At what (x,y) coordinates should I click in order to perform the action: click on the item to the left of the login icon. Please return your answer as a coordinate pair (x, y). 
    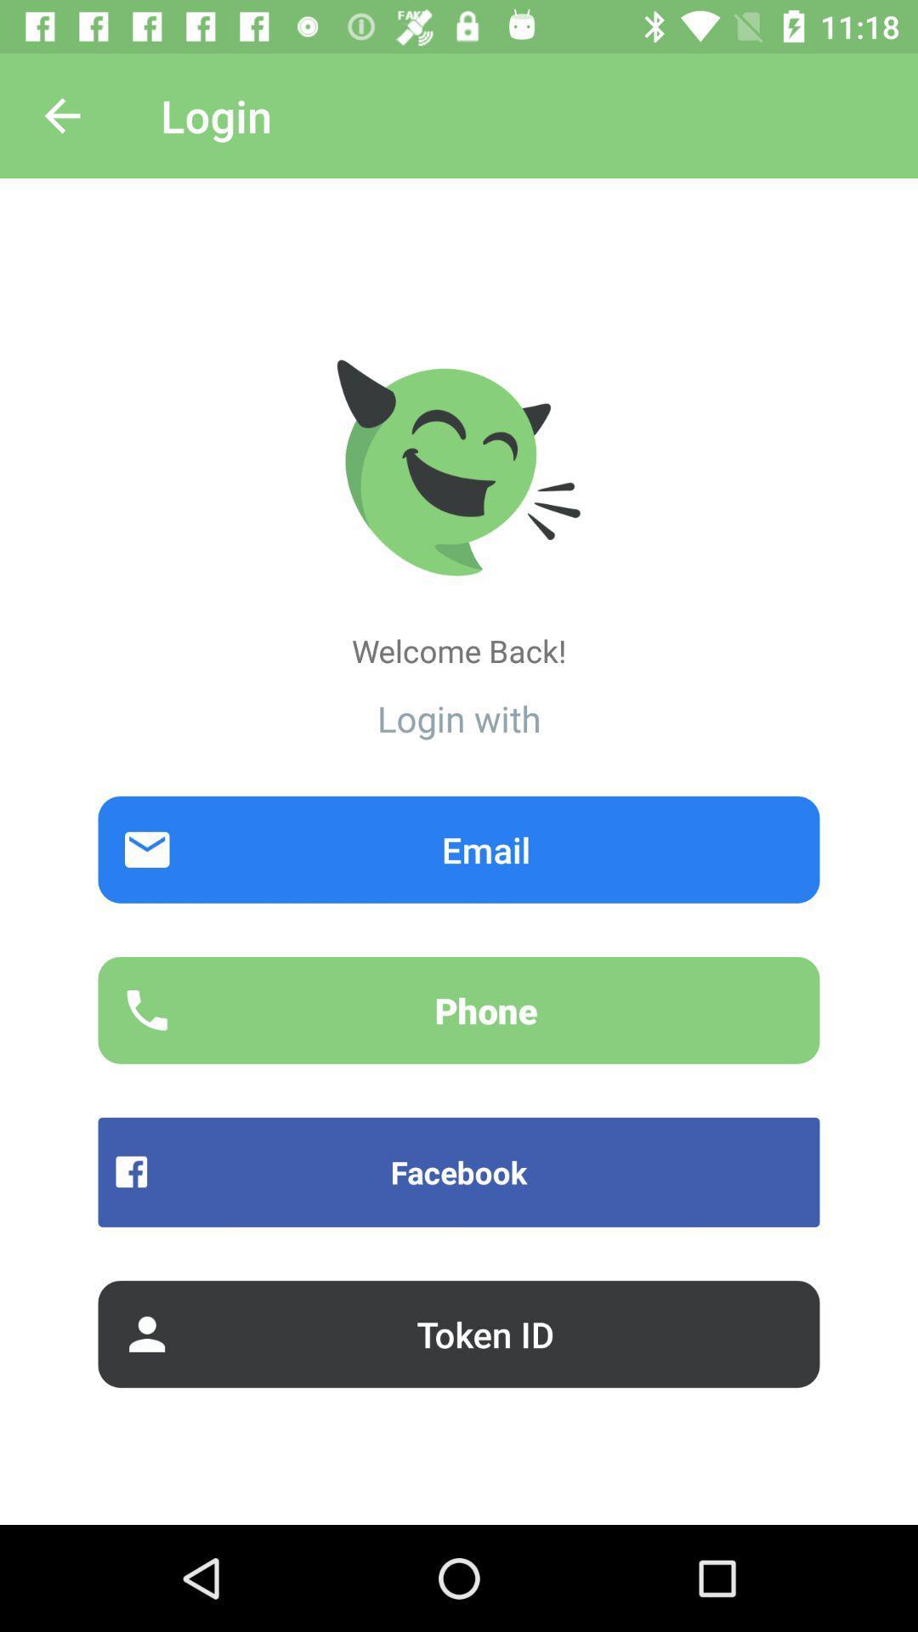
    Looking at the image, I should click on (61, 115).